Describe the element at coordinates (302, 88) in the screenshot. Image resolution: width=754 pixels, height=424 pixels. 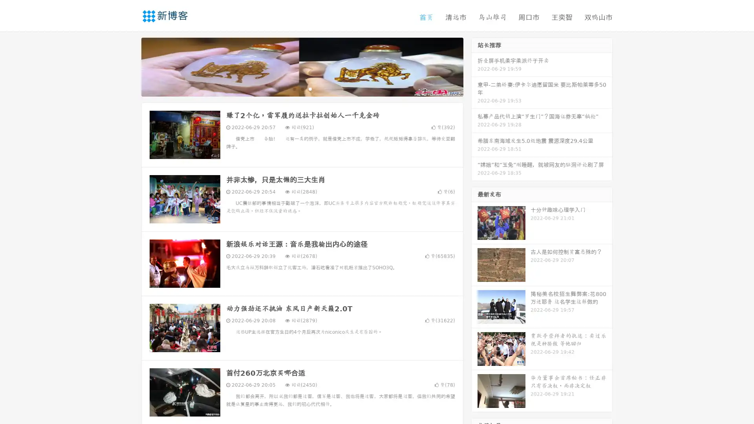
I see `Go to slide 2` at that location.